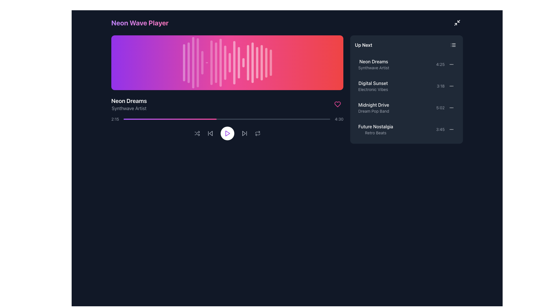  What do you see at coordinates (227, 133) in the screenshot?
I see `the triangular 'play' icon with a purple outline and white background located at the bottom center of the audio player interface` at bounding box center [227, 133].